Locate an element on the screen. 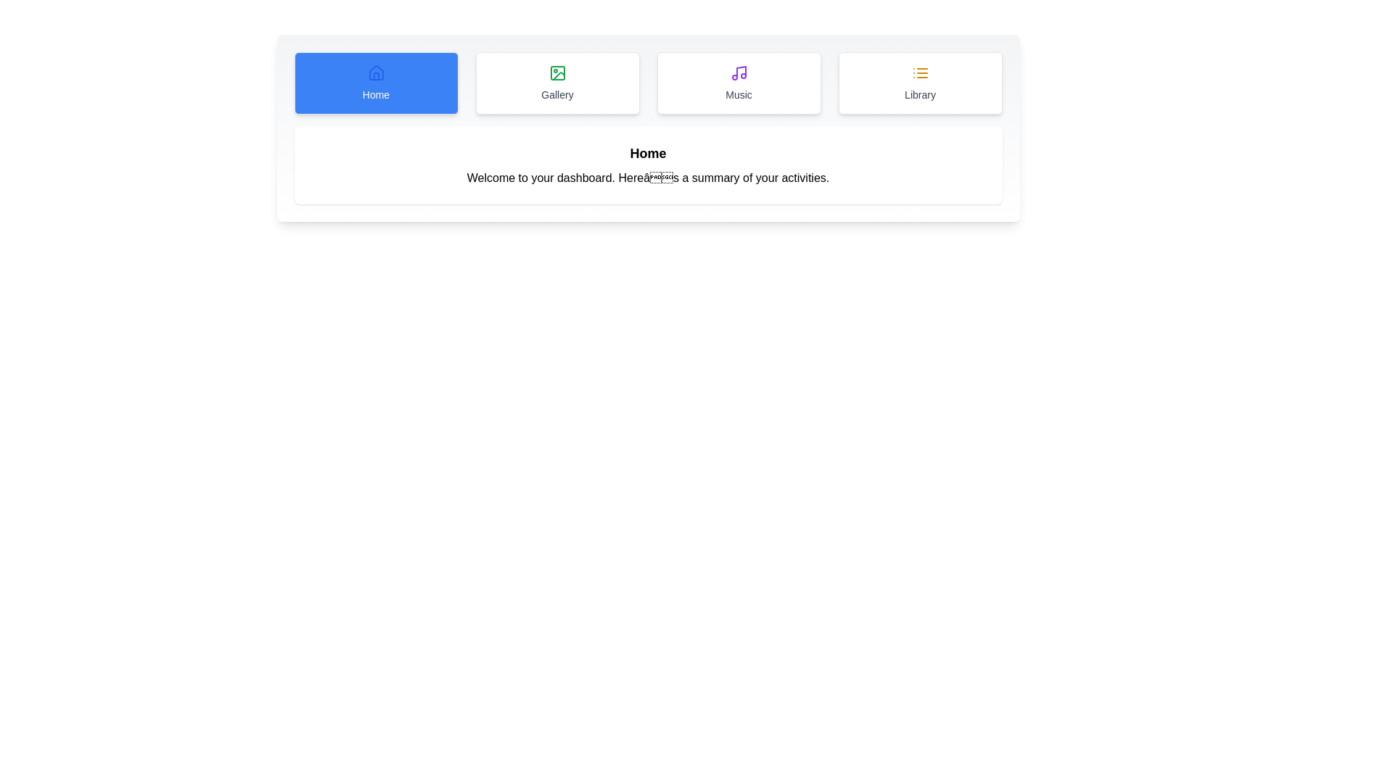 Image resolution: width=1393 pixels, height=783 pixels. the Gallery tab to switch to it is located at coordinates (556, 83).